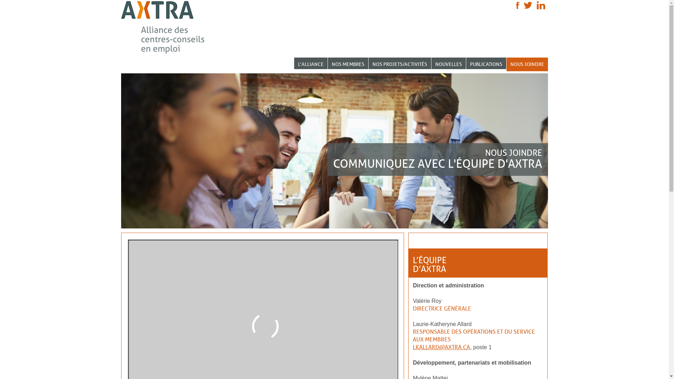  What do you see at coordinates (441, 347) in the screenshot?
I see `'LKALLARD@AXTRA.CA'` at bounding box center [441, 347].